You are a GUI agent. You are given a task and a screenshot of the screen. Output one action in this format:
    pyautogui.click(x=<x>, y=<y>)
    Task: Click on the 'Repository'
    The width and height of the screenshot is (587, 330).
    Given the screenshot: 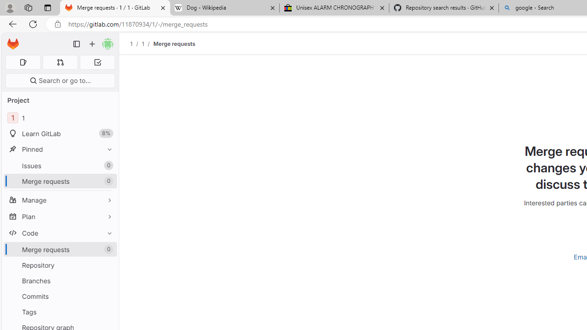 What is the action you would take?
    pyautogui.click(x=60, y=265)
    